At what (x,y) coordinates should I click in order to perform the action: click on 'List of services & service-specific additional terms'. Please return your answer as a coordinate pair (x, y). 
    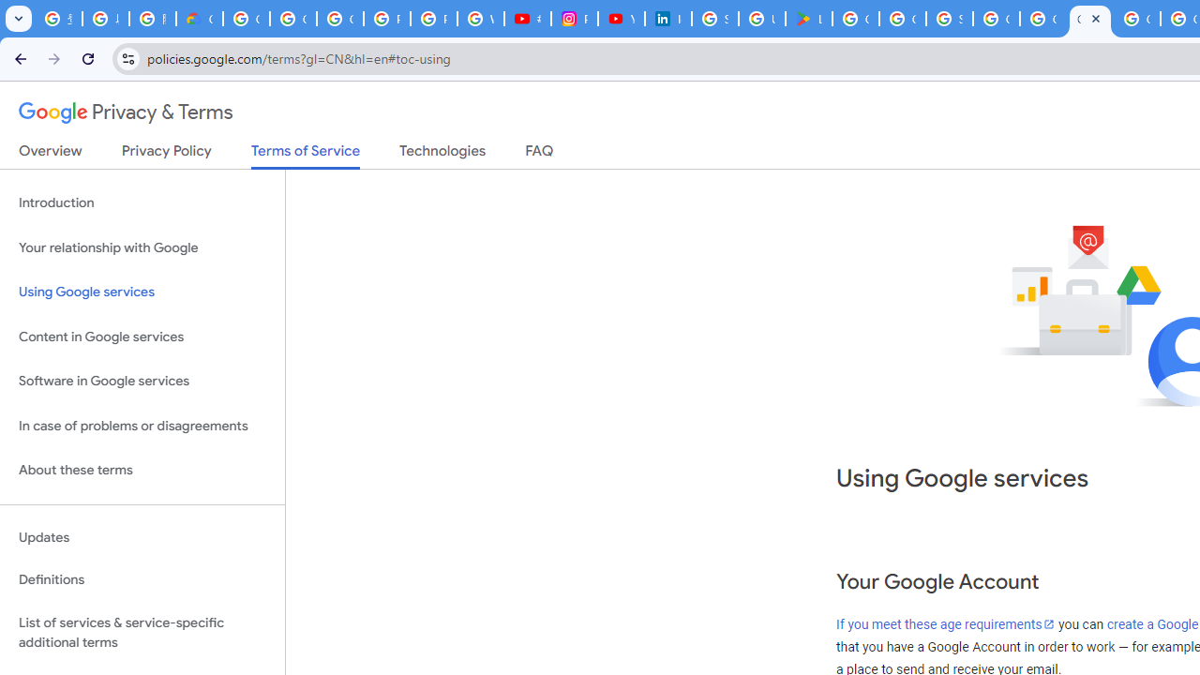
    Looking at the image, I should click on (142, 633).